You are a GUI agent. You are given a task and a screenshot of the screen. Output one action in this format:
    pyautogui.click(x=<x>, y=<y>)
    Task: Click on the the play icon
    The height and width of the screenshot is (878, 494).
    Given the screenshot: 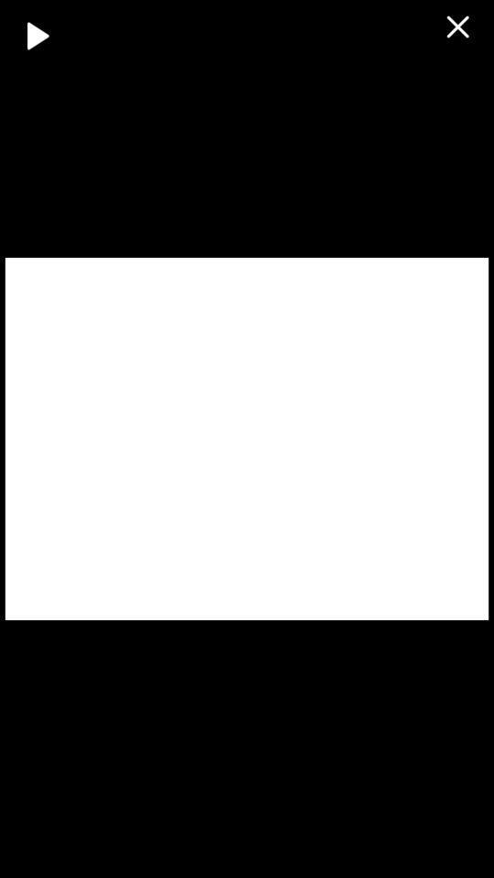 What is the action you would take?
    pyautogui.click(x=38, y=34)
    